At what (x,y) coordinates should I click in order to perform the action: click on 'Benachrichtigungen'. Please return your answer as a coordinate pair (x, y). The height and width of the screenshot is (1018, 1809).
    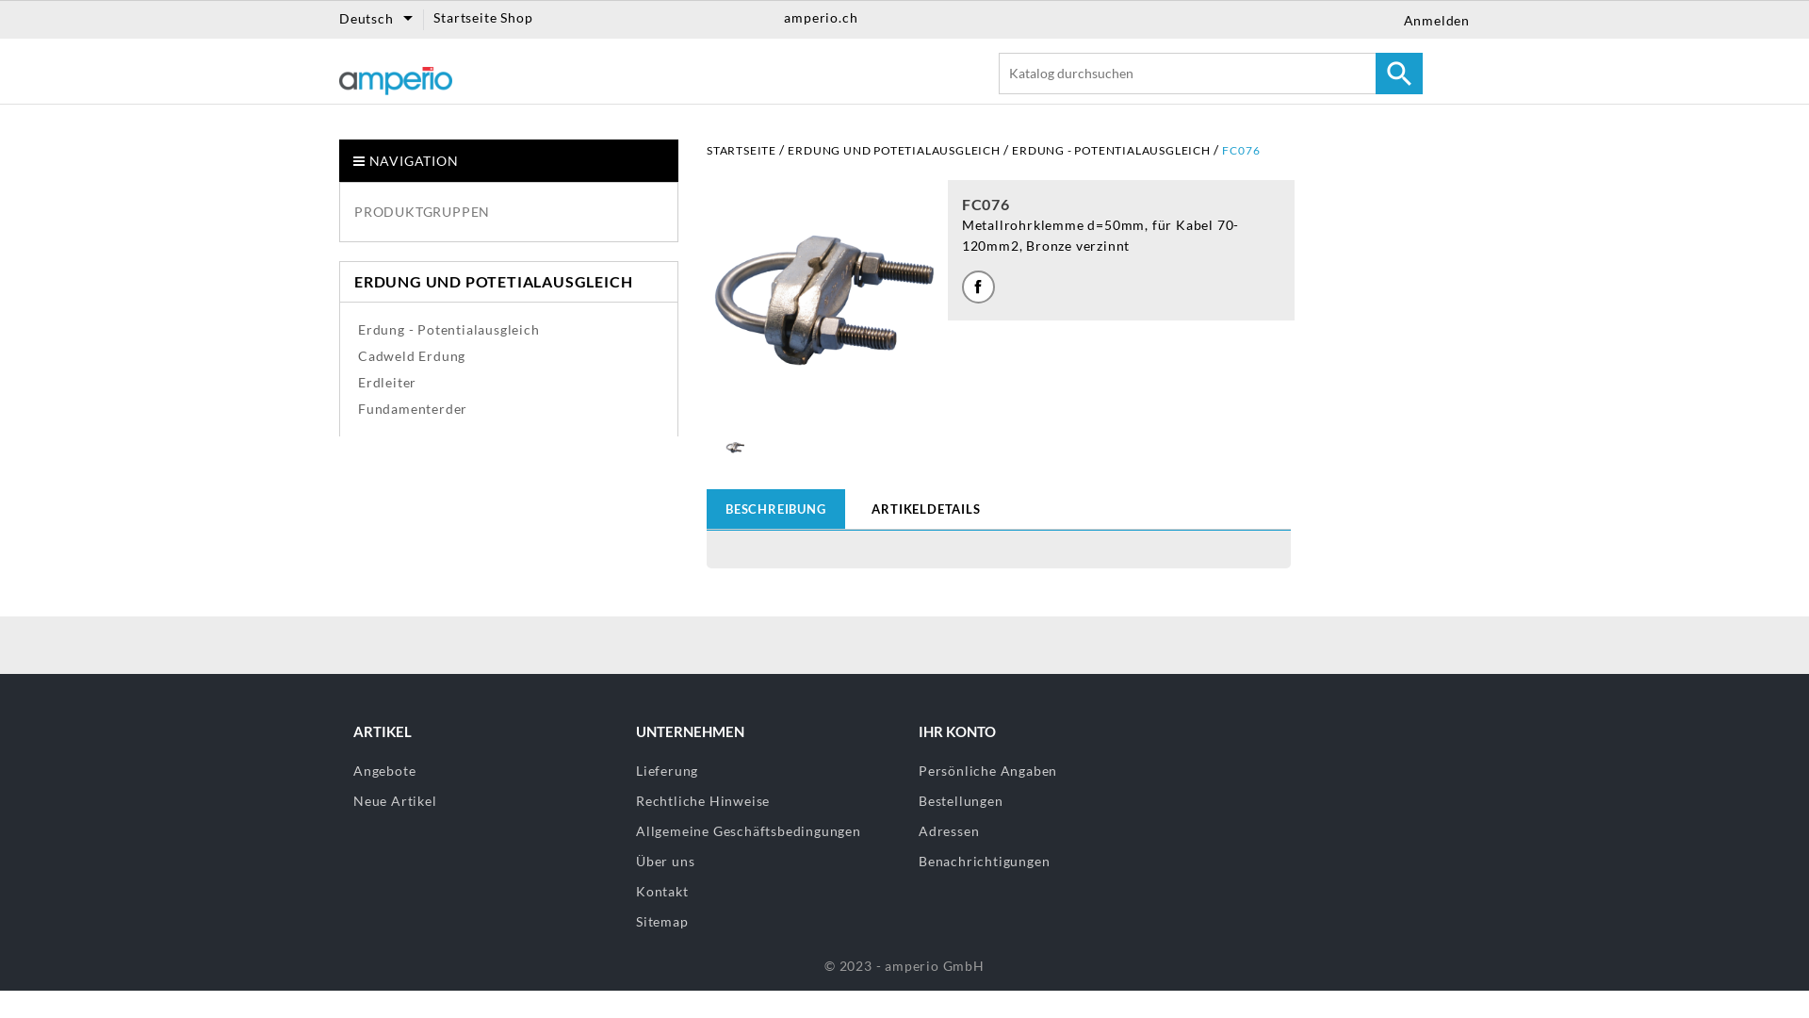
    Looking at the image, I should click on (918, 861).